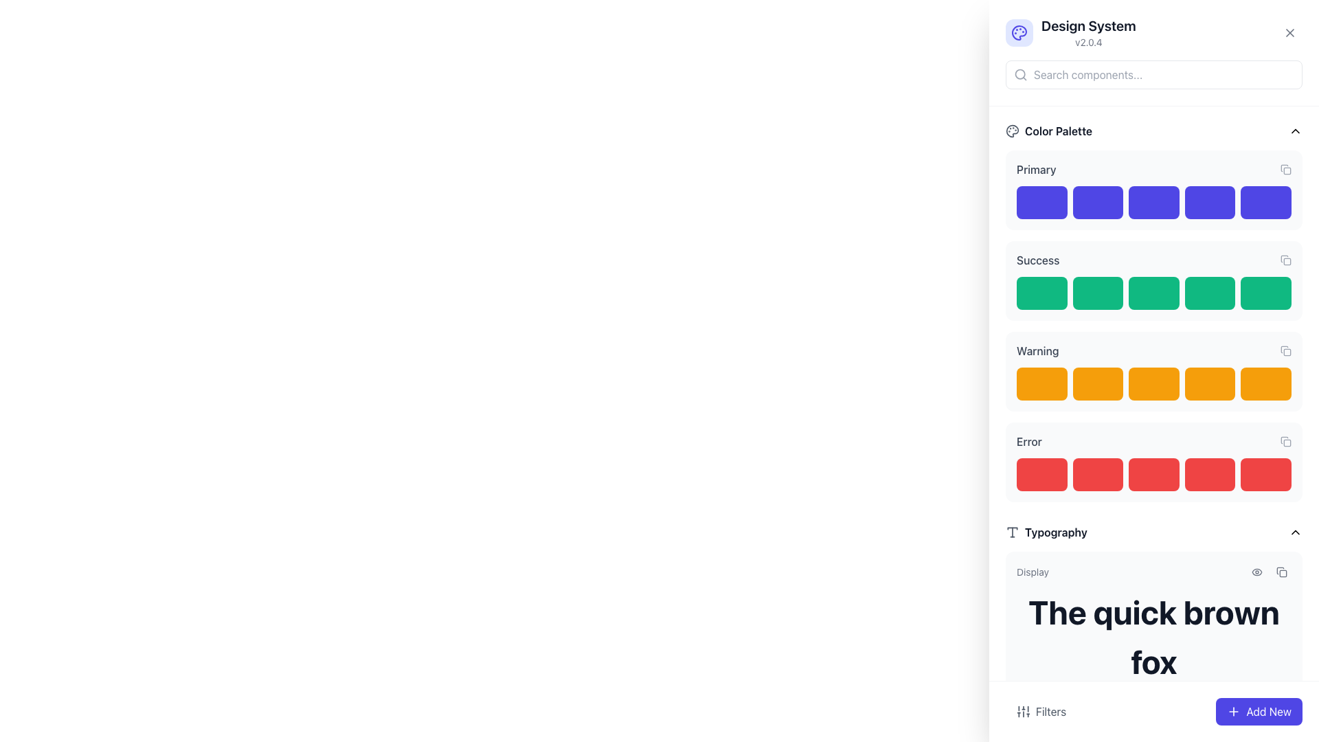 The image size is (1319, 742). What do you see at coordinates (1285, 168) in the screenshot?
I see `the button located at the top-right corner of the 'Primary' section of the 'Color Palette' to copy the information related to 'Primary' to the clipboard` at bounding box center [1285, 168].